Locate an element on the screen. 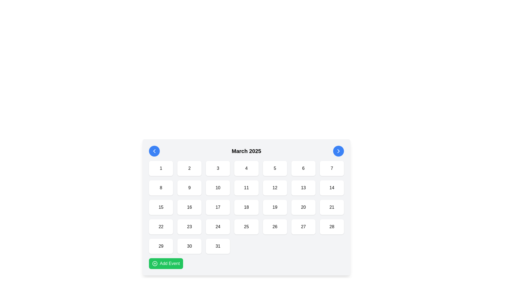  a specific day within the Calendar grid, which visually represents the month's days and is centrally located beneath the month header is located at coordinates (246, 207).